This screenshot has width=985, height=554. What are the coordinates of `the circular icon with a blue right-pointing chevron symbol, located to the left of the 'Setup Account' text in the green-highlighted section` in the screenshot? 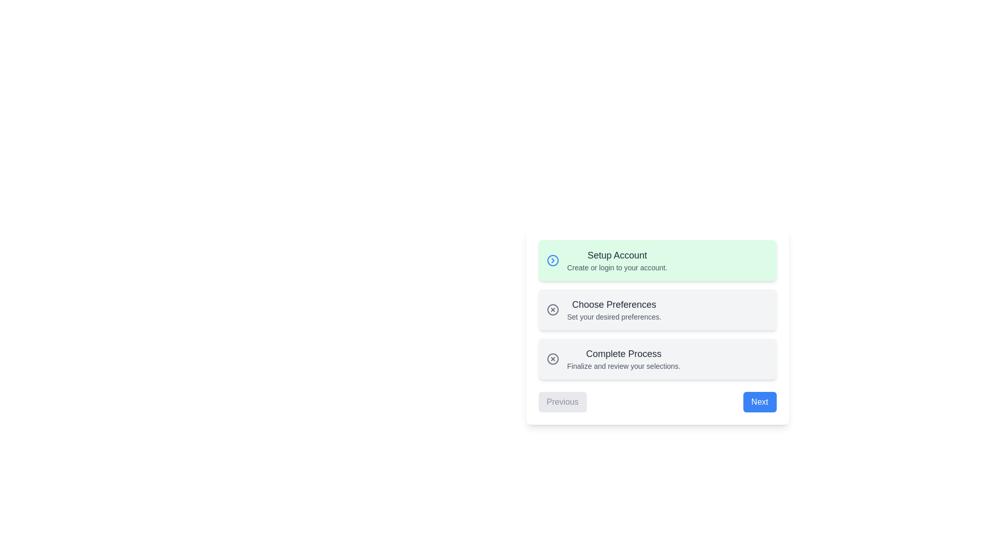 It's located at (552, 260).